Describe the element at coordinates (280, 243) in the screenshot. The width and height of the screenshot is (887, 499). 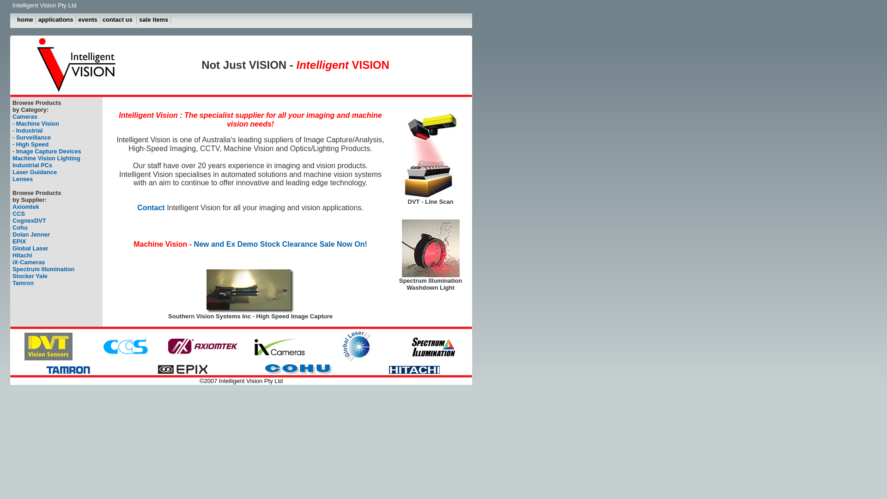
I see `'New and Ex Demo Stock Clearance Sale Now On!'` at that location.